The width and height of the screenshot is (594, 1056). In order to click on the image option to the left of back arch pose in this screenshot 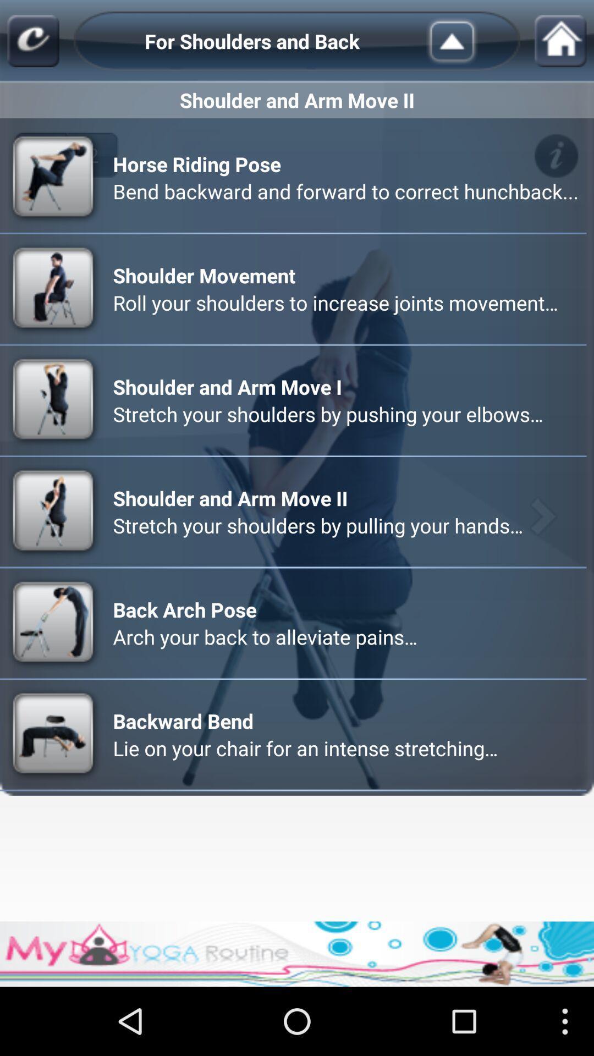, I will do `click(54, 623)`.